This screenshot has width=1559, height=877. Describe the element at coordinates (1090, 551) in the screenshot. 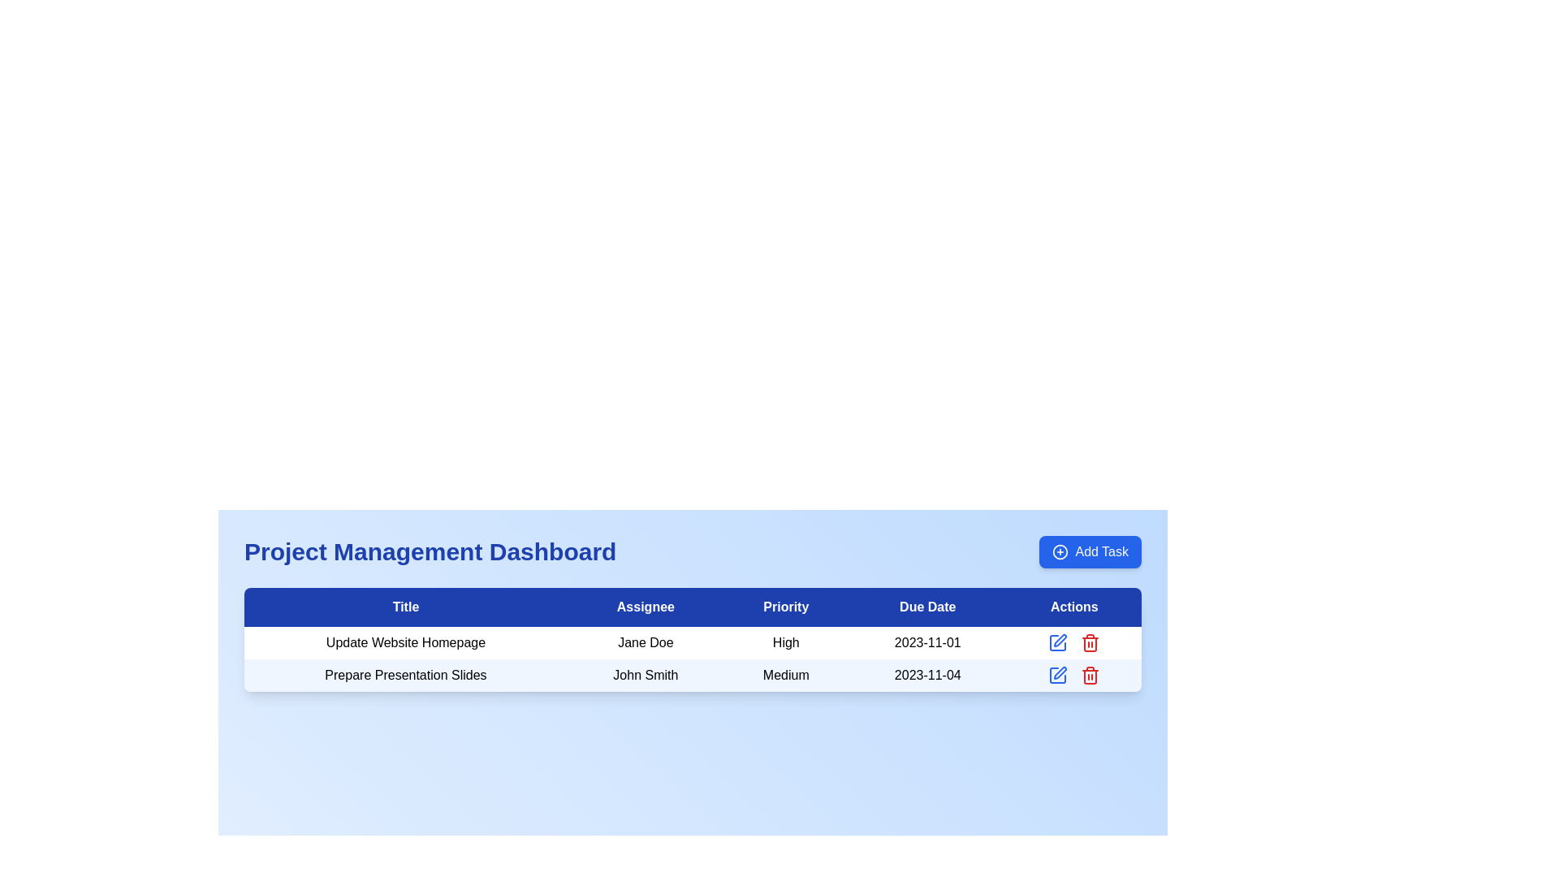

I see `the 'Add Task' button located at the top-right corner of the Project Management Dashboard` at that location.